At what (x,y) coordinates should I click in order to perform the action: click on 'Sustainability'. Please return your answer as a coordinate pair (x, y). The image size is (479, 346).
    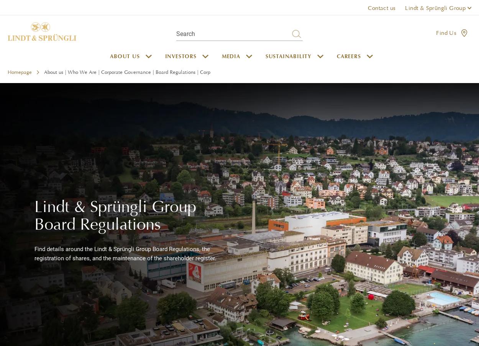
    Looking at the image, I should click on (265, 55).